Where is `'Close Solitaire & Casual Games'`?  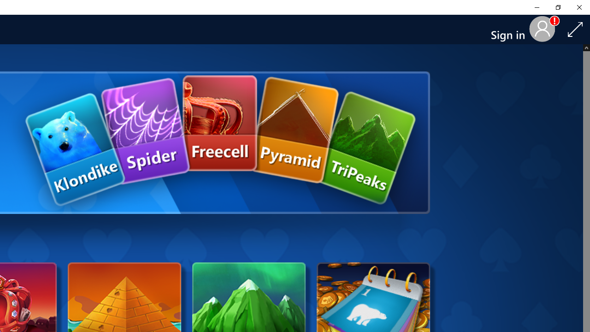
'Close Solitaire & Casual Games' is located at coordinates (578, 7).